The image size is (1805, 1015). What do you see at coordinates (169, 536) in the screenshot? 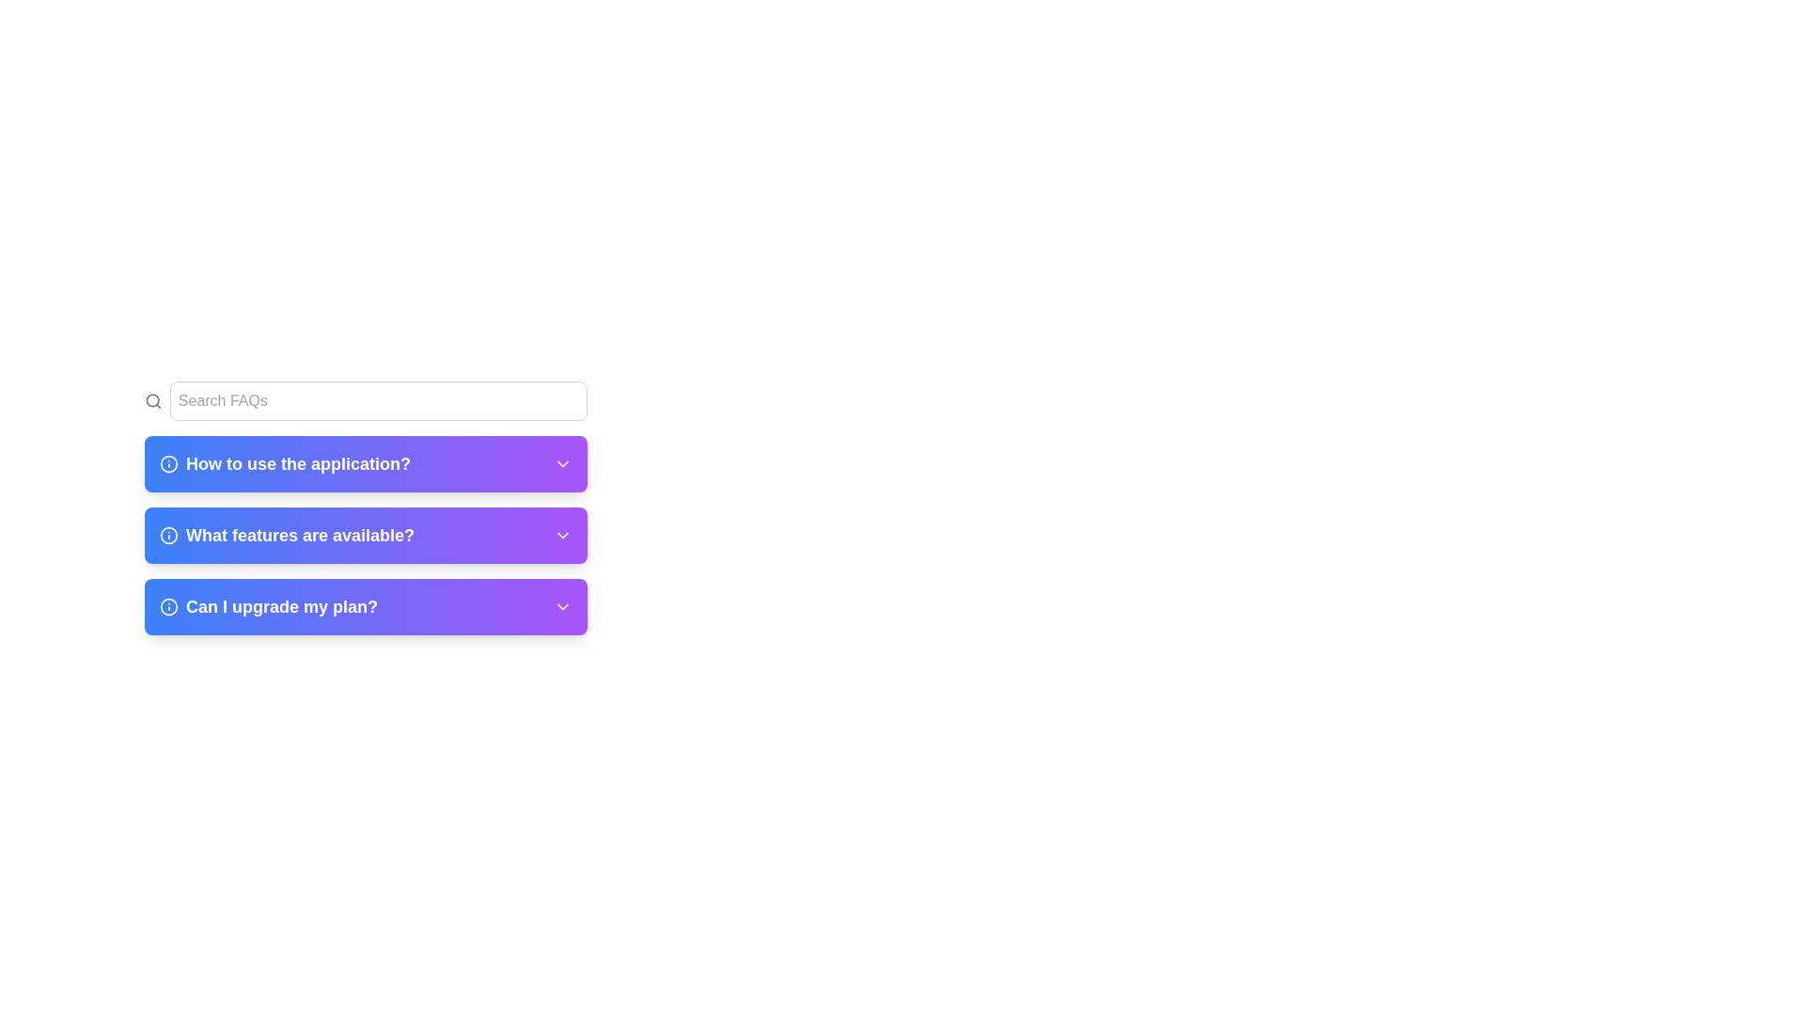
I see `the icon located on the left side of the second row, which contains the text 'What features are available?'` at bounding box center [169, 536].